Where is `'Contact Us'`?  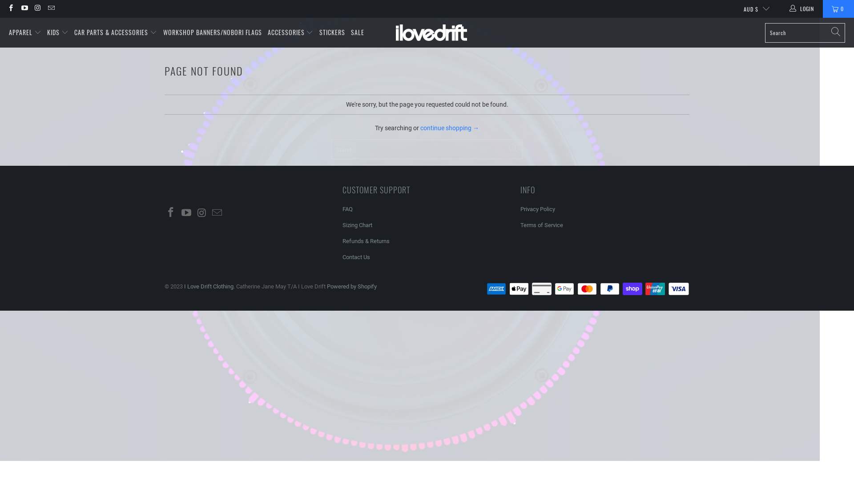
'Contact Us' is located at coordinates (356, 257).